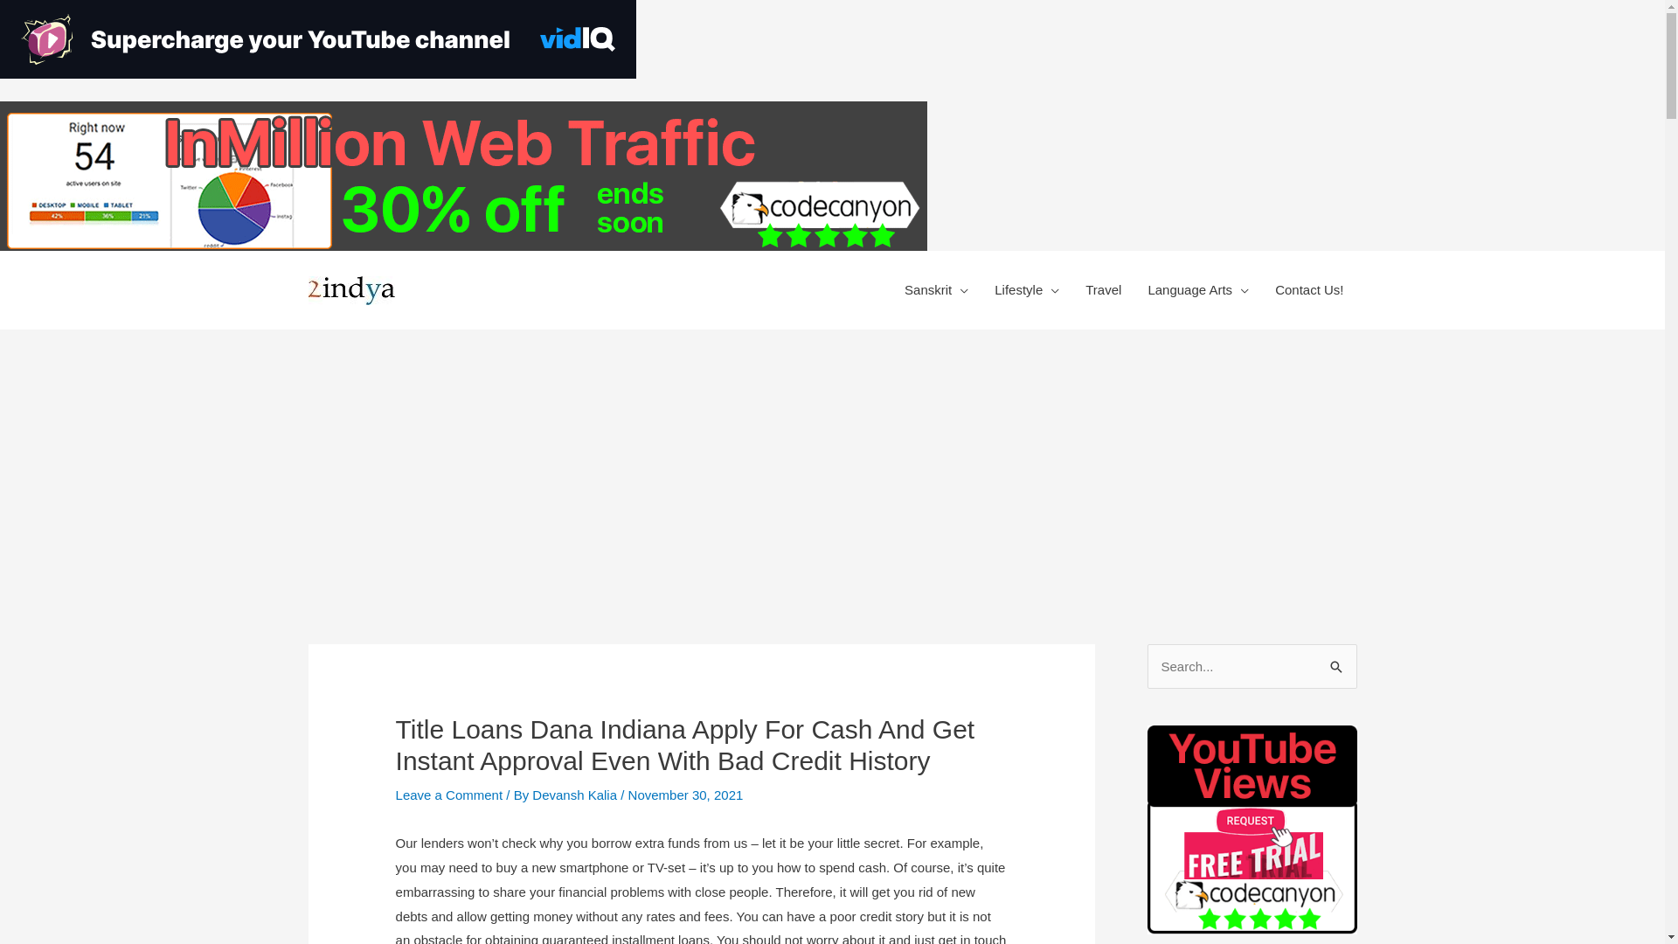 The width and height of the screenshot is (1678, 944). I want to click on 'Advertisement', so click(830, 460).